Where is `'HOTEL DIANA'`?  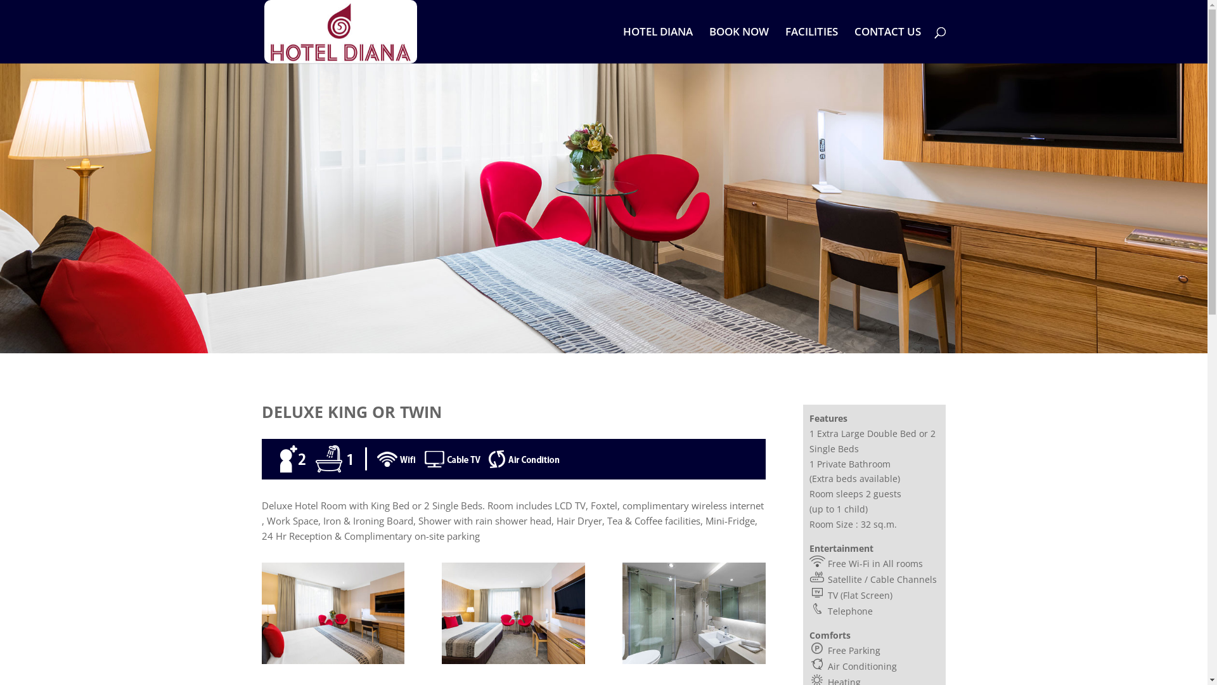 'HOTEL DIANA' is located at coordinates (657, 44).